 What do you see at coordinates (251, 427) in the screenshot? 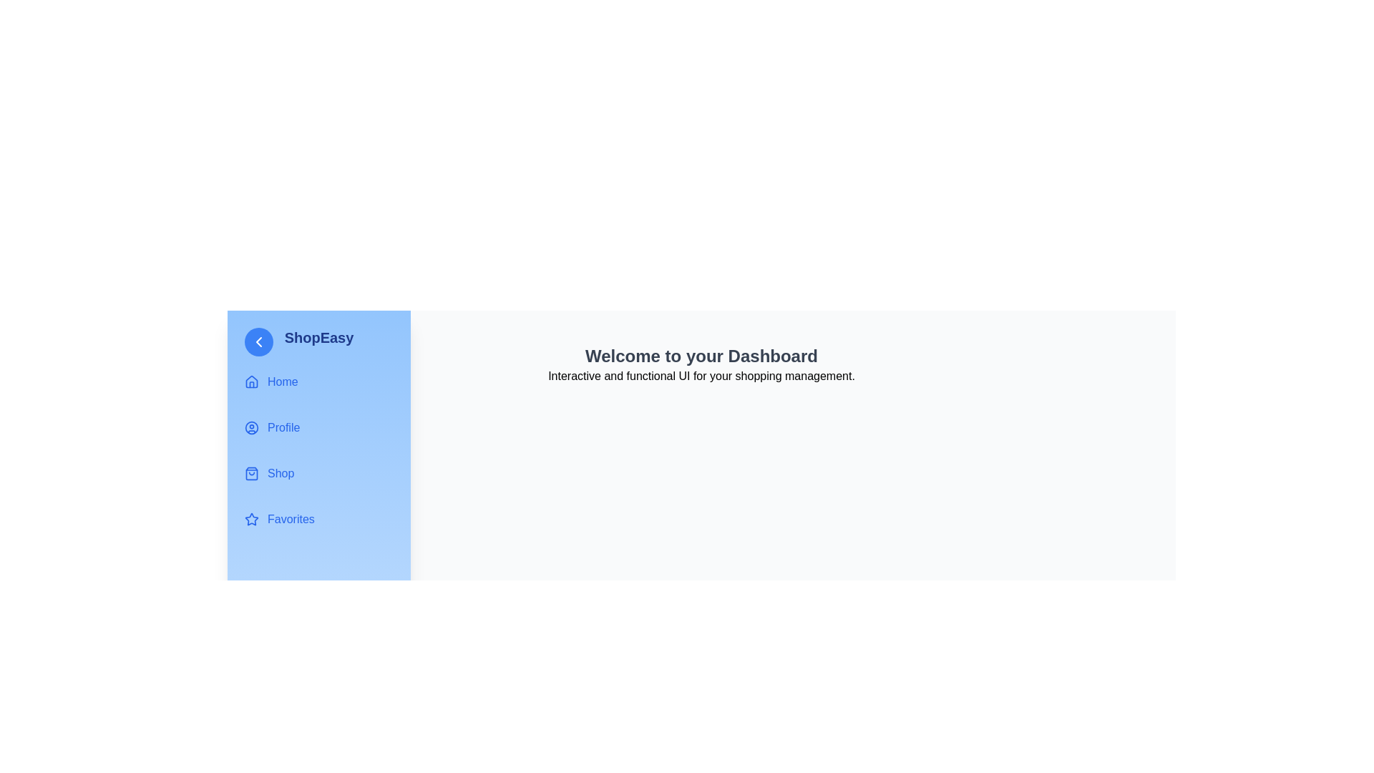
I see `the user profile icon located on the left-side navigation panel next to the 'Profile' text` at bounding box center [251, 427].